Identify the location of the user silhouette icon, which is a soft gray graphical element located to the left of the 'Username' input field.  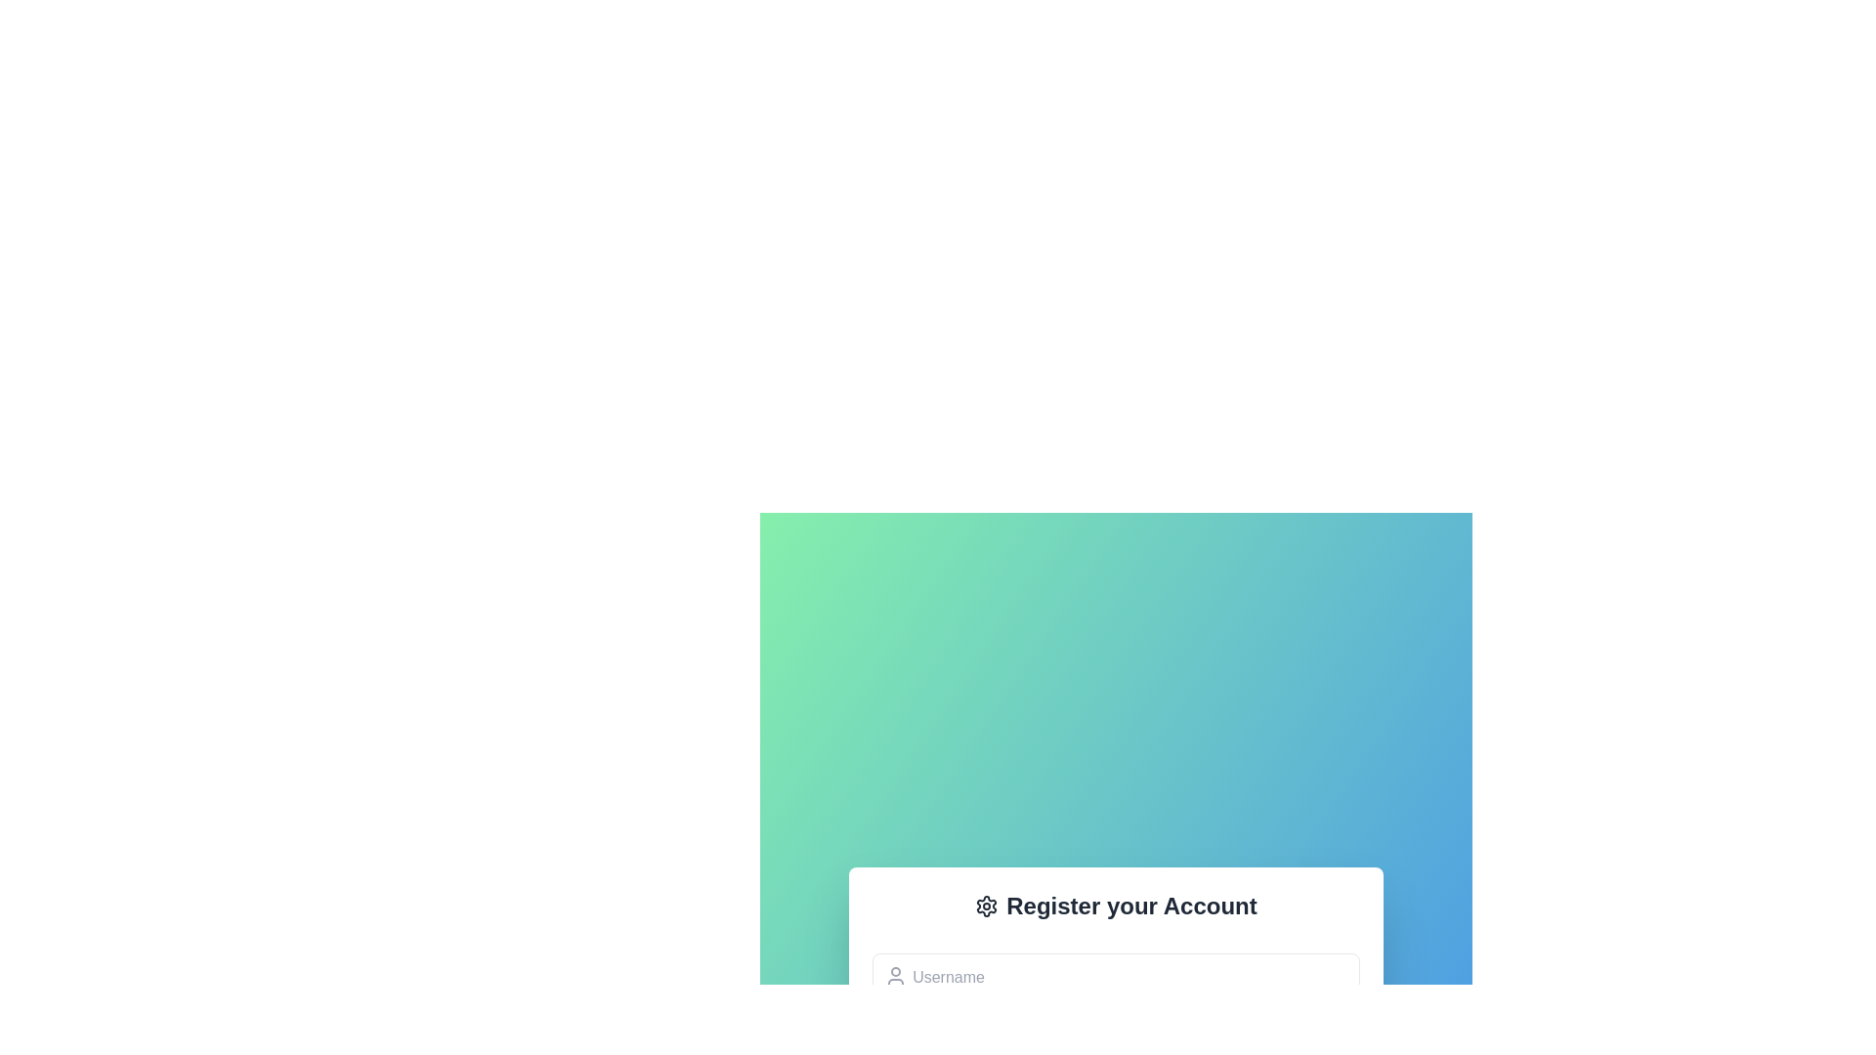
(895, 976).